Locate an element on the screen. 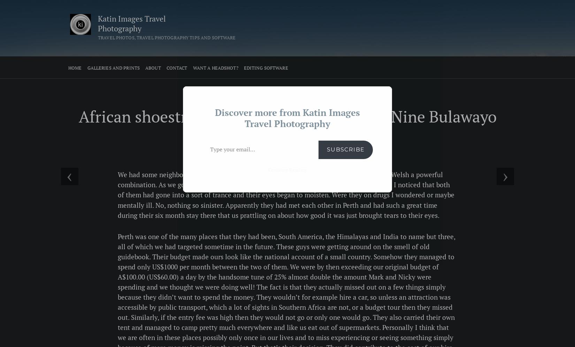 The height and width of the screenshot is (347, 575). 'Discover more from Katin Images Travel Photography' is located at coordinates (287, 117).